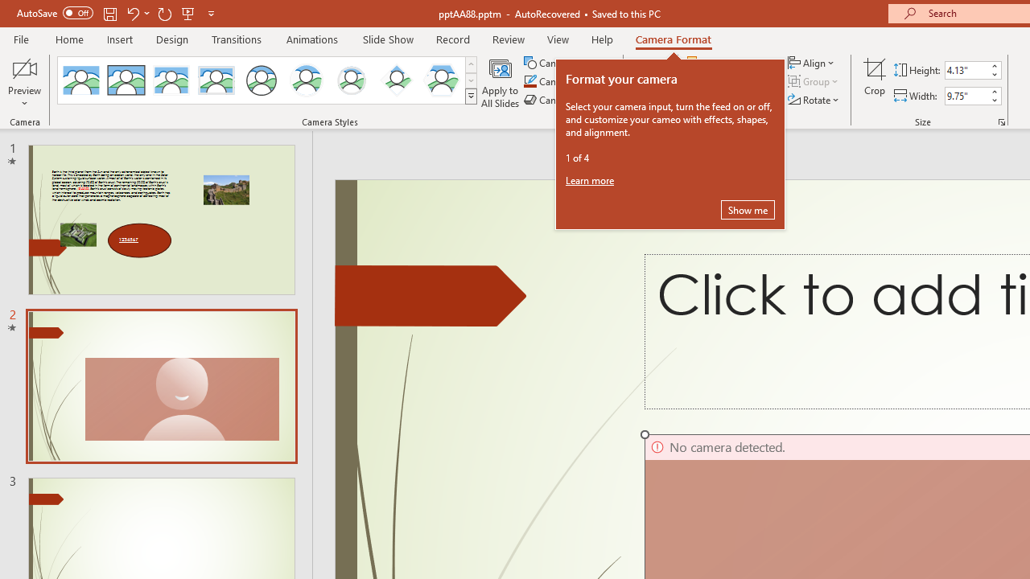 The width and height of the screenshot is (1030, 579). What do you see at coordinates (500, 83) in the screenshot?
I see `'Apply to All Slides'` at bounding box center [500, 83].